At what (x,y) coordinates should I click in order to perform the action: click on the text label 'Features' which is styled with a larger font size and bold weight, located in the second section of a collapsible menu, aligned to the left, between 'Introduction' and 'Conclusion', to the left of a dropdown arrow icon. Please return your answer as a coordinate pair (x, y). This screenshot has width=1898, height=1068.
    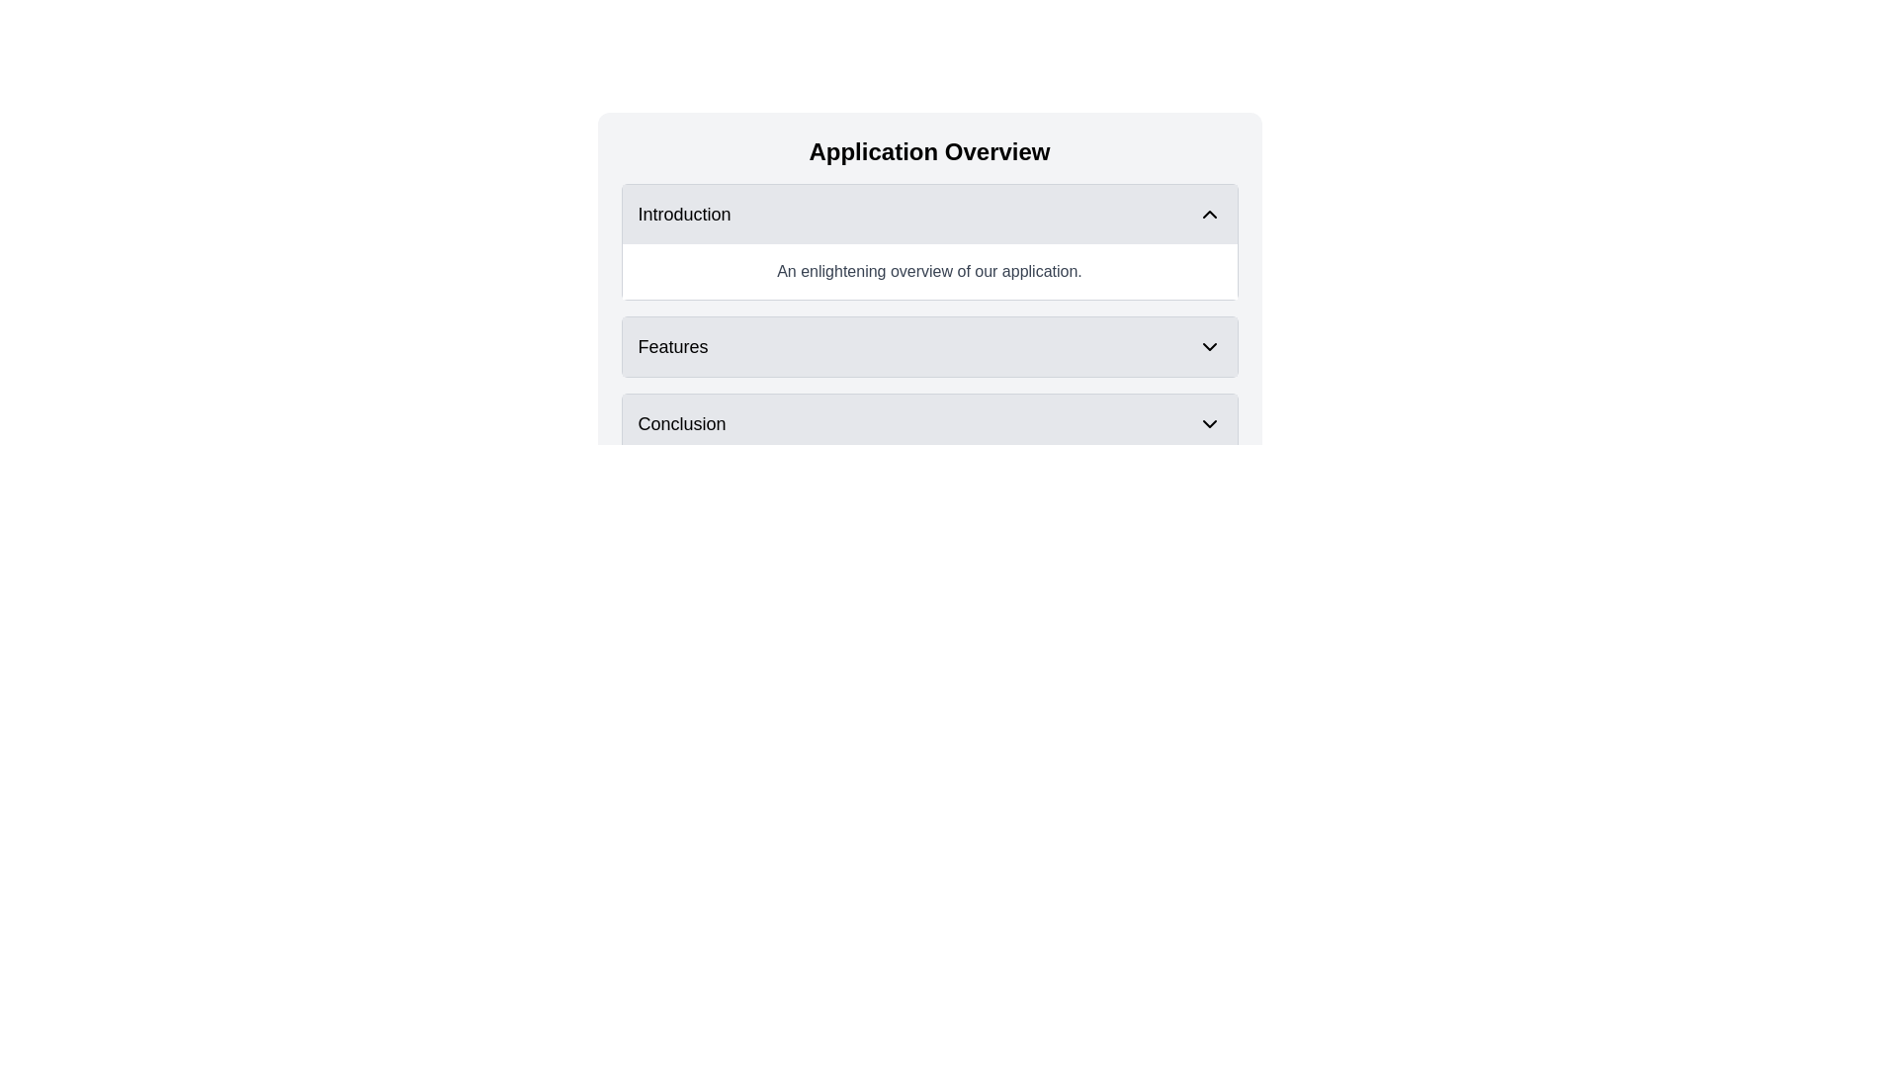
    Looking at the image, I should click on (673, 346).